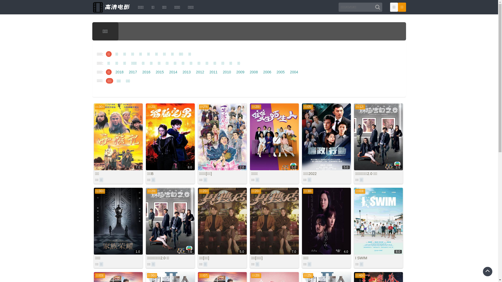  I want to click on '2005', so click(275, 72).